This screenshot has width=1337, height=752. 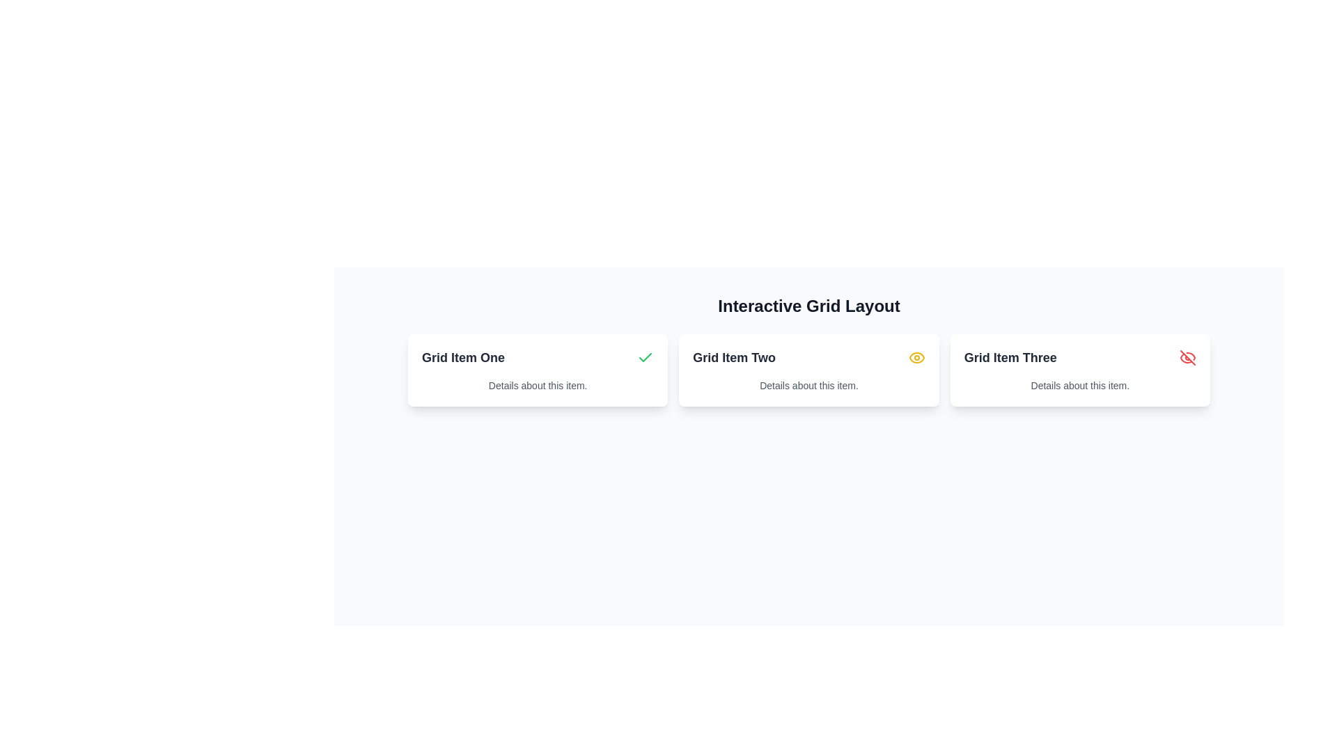 I want to click on the static text displaying 'Details about this item.' which is located beneath the title 'Grid Item Three' and to the left of a red 'eye' icon, so click(x=1079, y=386).